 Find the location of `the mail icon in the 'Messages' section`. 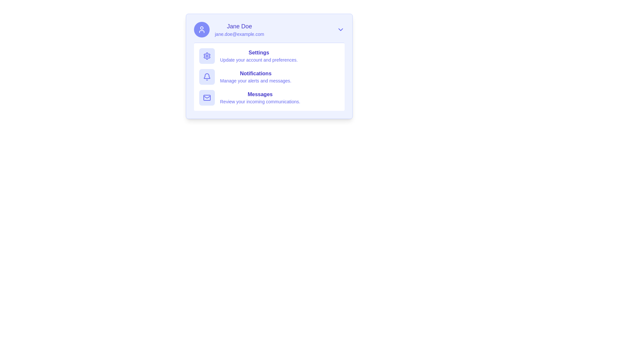

the mail icon in the 'Messages' section is located at coordinates (269, 98).